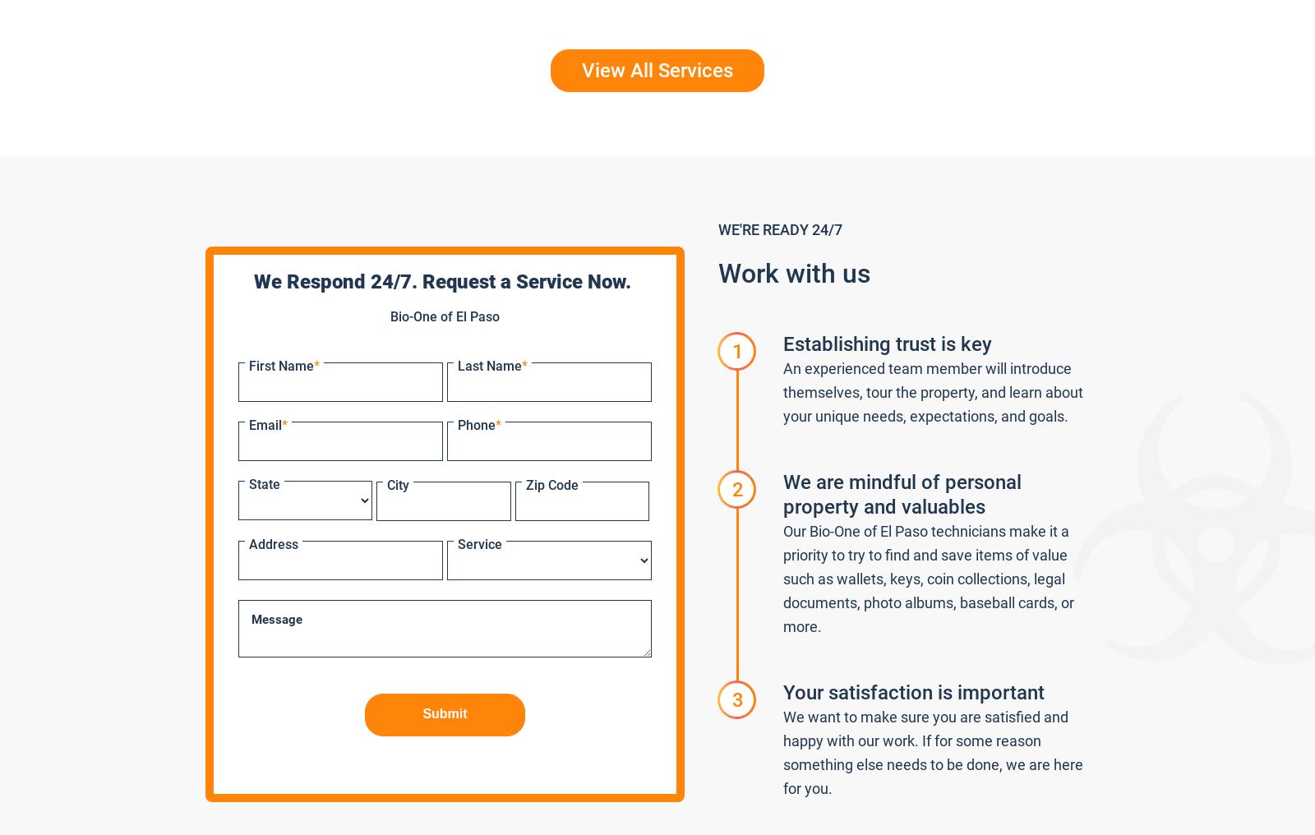 The image size is (1315, 835). I want to click on 'We want to make sure you are satisfied and happy with our work. If for some reason something else needs to be done, we are here for you.', so click(933, 751).